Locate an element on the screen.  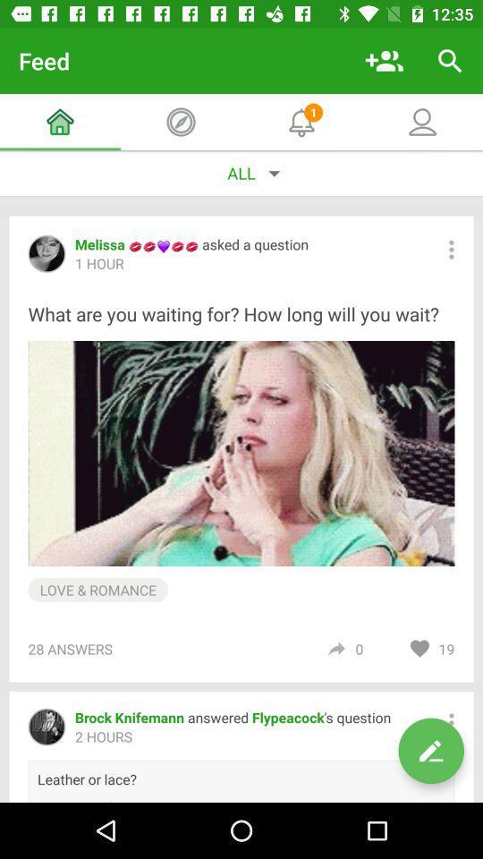
options is located at coordinates (450, 249).